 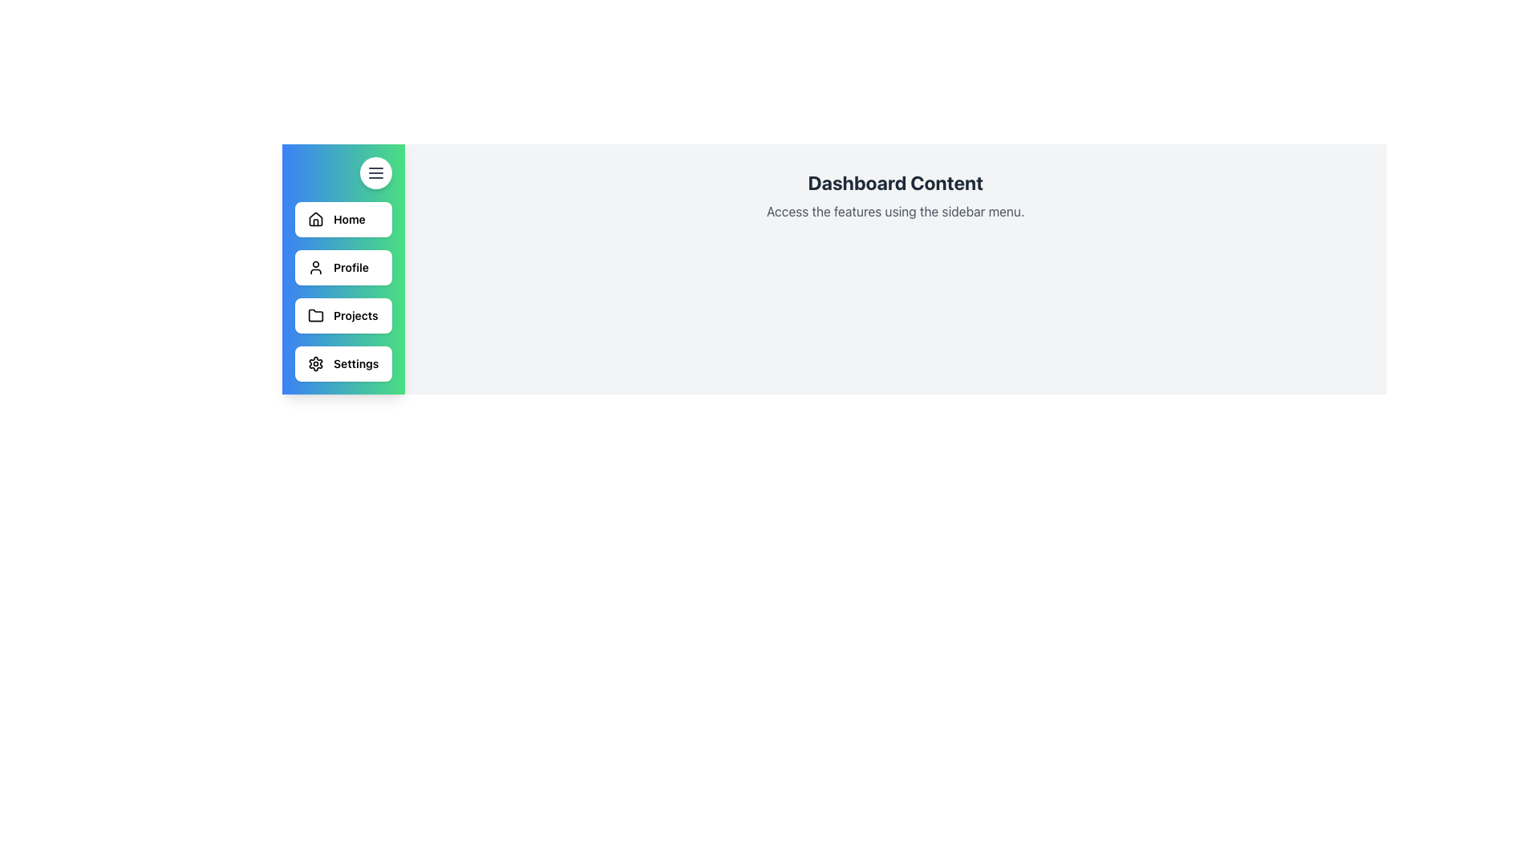 I want to click on the folder icon in the Projects menu option in the sidebar, which is the third interactive item in the vertical stack, so click(x=315, y=315).